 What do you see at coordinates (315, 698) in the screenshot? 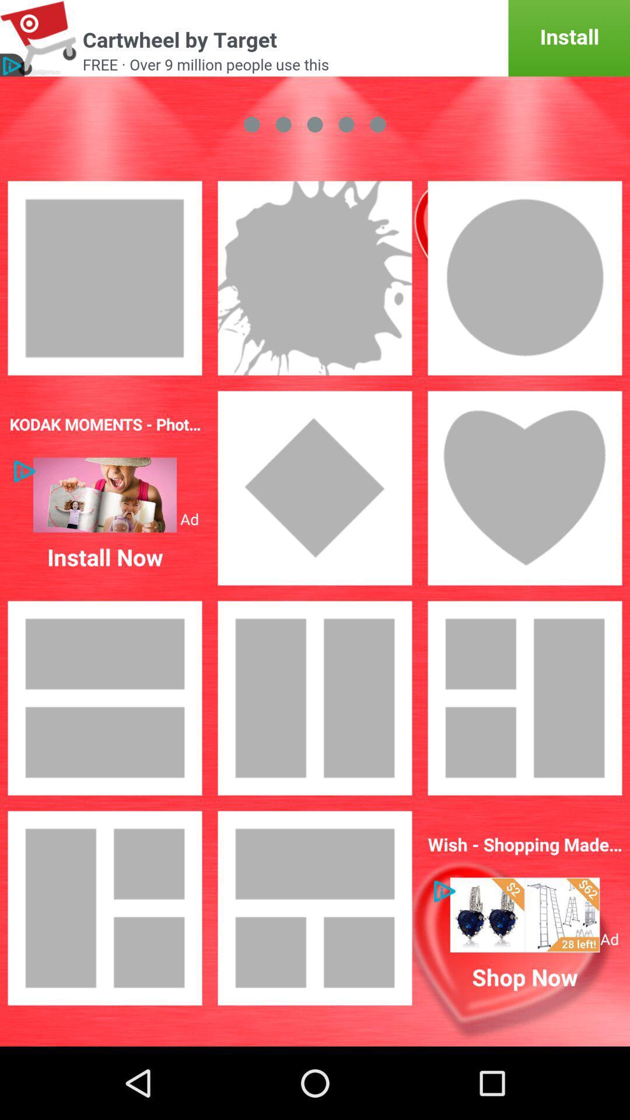
I see `the third image from top positioned at the right side of the page` at bounding box center [315, 698].